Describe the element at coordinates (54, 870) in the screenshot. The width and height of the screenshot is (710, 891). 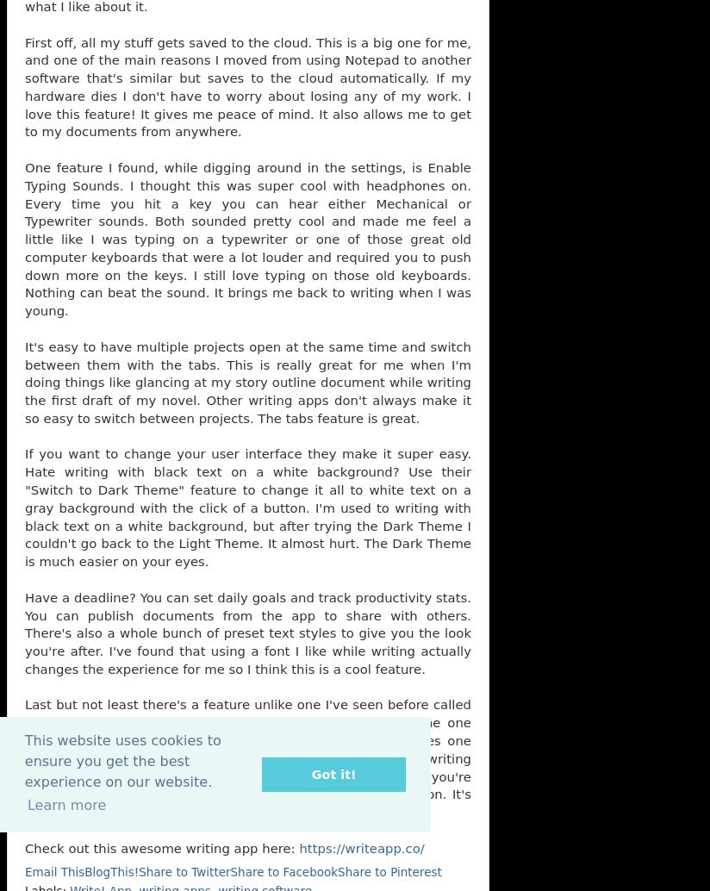
I see `'Email This'` at that location.